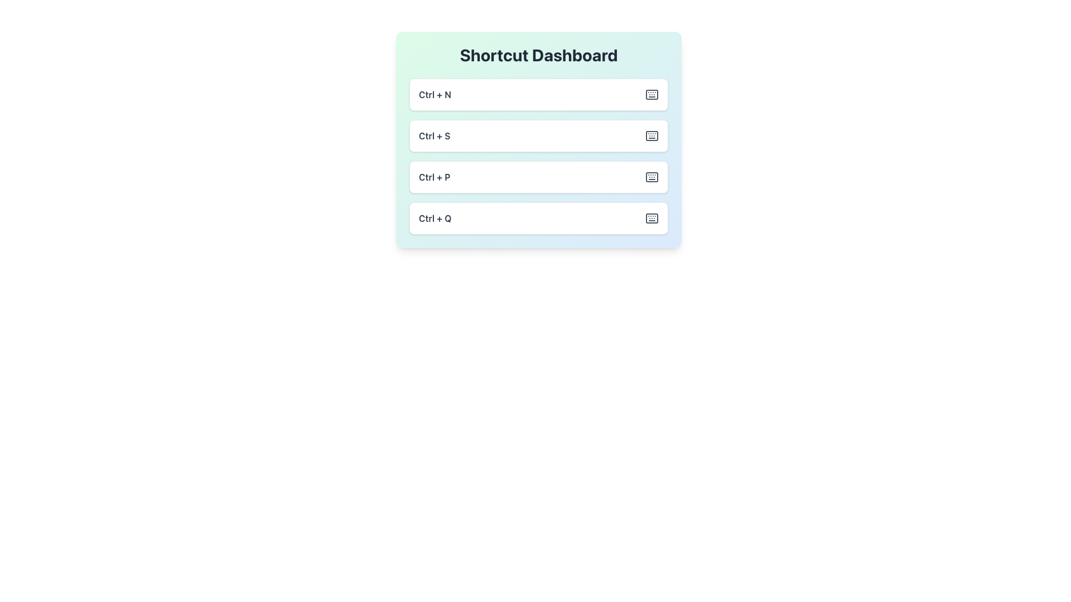 Image resolution: width=1071 pixels, height=602 pixels. What do you see at coordinates (538, 139) in the screenshot?
I see `the second button in the vertical list, which indicates a keyboard shortcut` at bounding box center [538, 139].